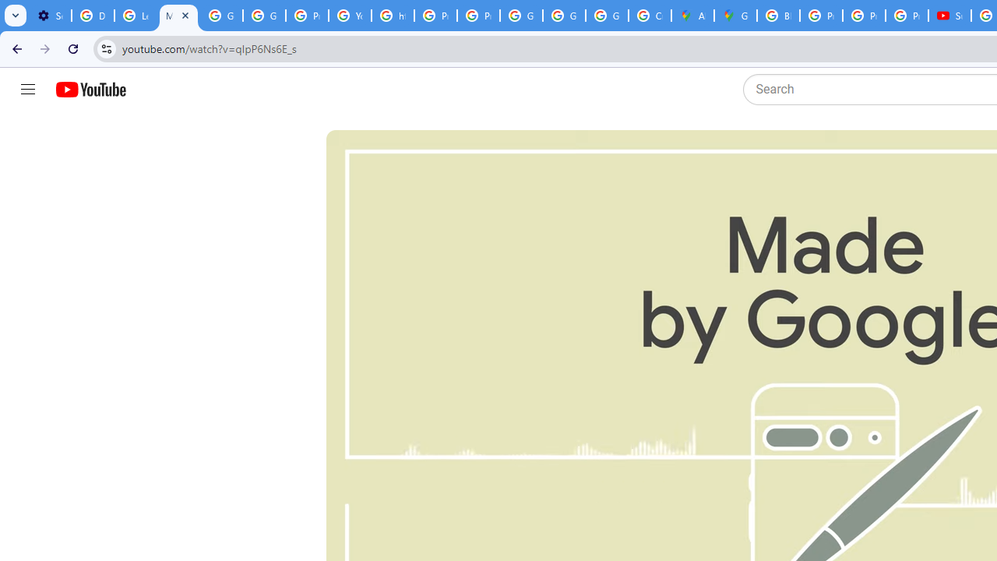 The width and height of the screenshot is (997, 561). What do you see at coordinates (92, 16) in the screenshot?
I see `'Delete photos & videos - Computer - Google Photos Help'` at bounding box center [92, 16].